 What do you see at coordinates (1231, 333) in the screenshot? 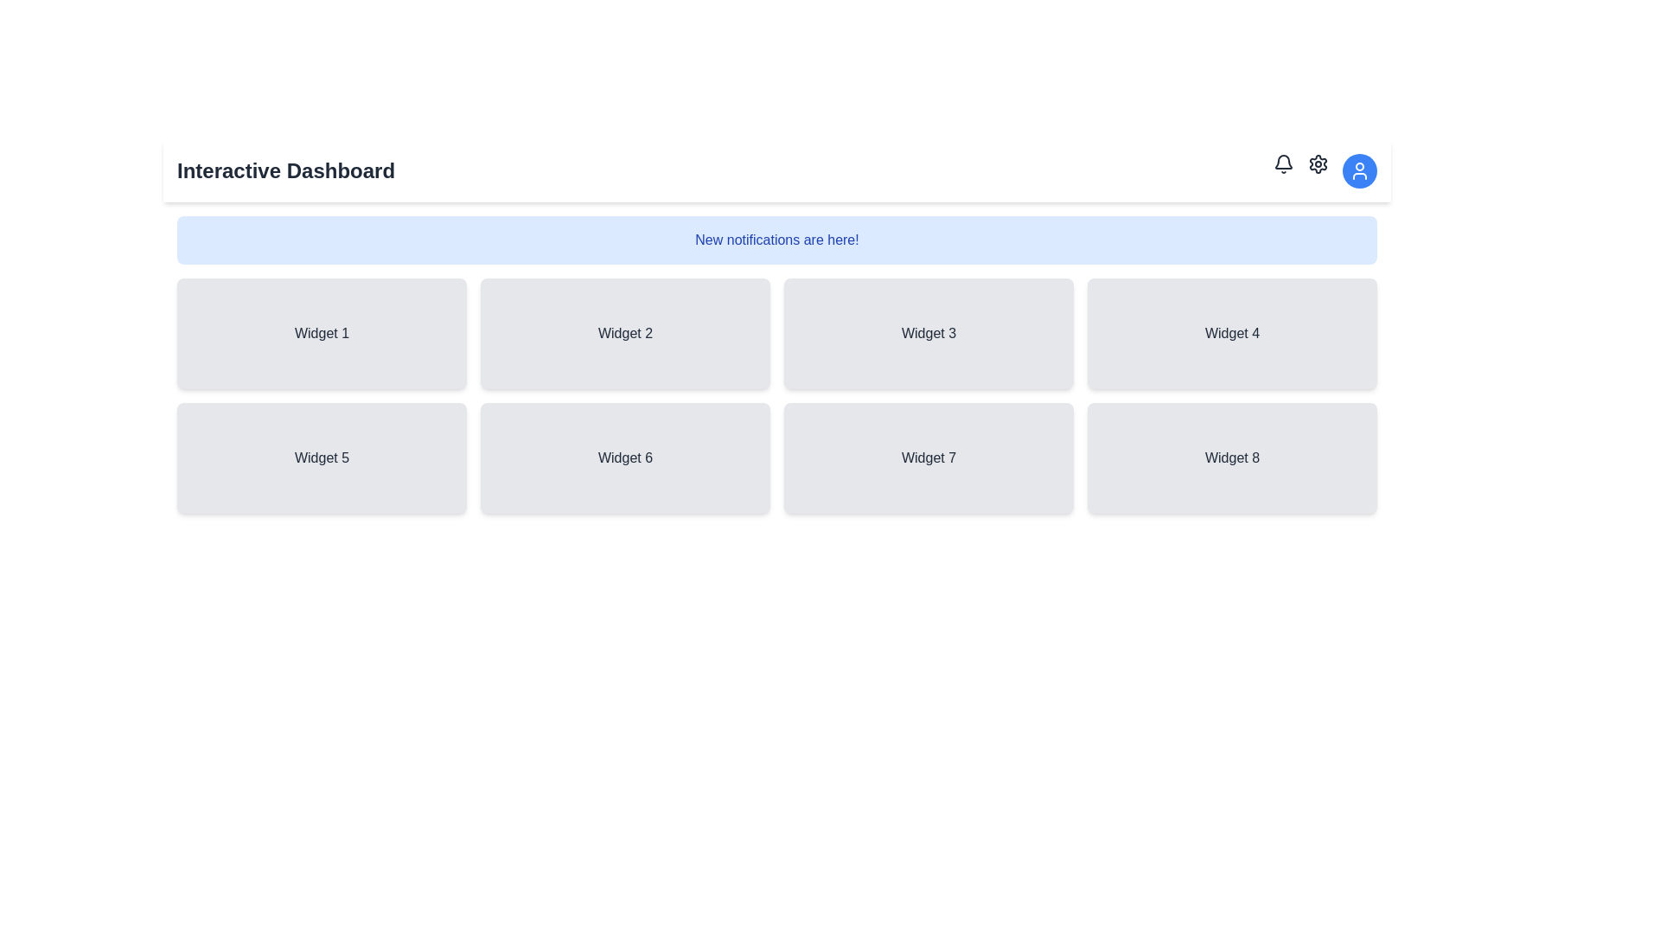
I see `the informational card labeled 'Widget 4', which is the fourth item in the grid layout` at bounding box center [1231, 333].